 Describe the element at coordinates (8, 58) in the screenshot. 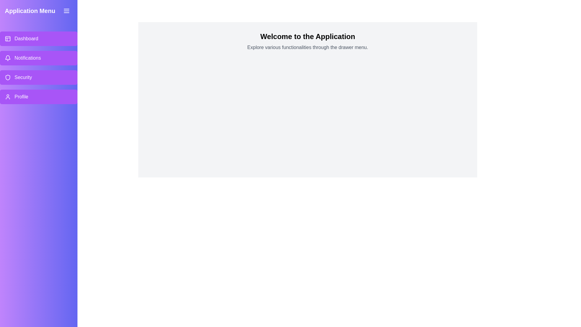

I see `the menu item labeled Notifications to explore its associated icon` at that location.